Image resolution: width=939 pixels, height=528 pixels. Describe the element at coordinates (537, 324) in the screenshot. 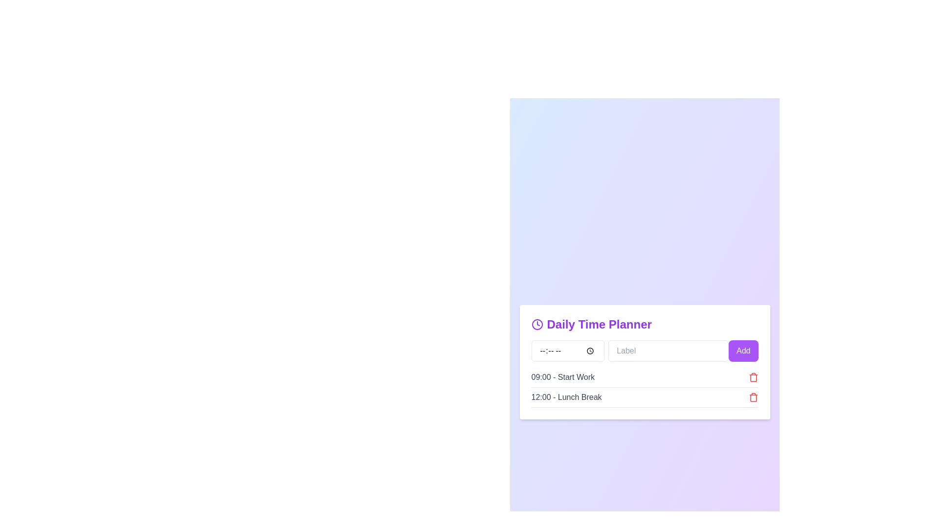

I see `the clock icon located near the top left corner of the content box, preceding the title text 'Daily Time Planner'` at that location.